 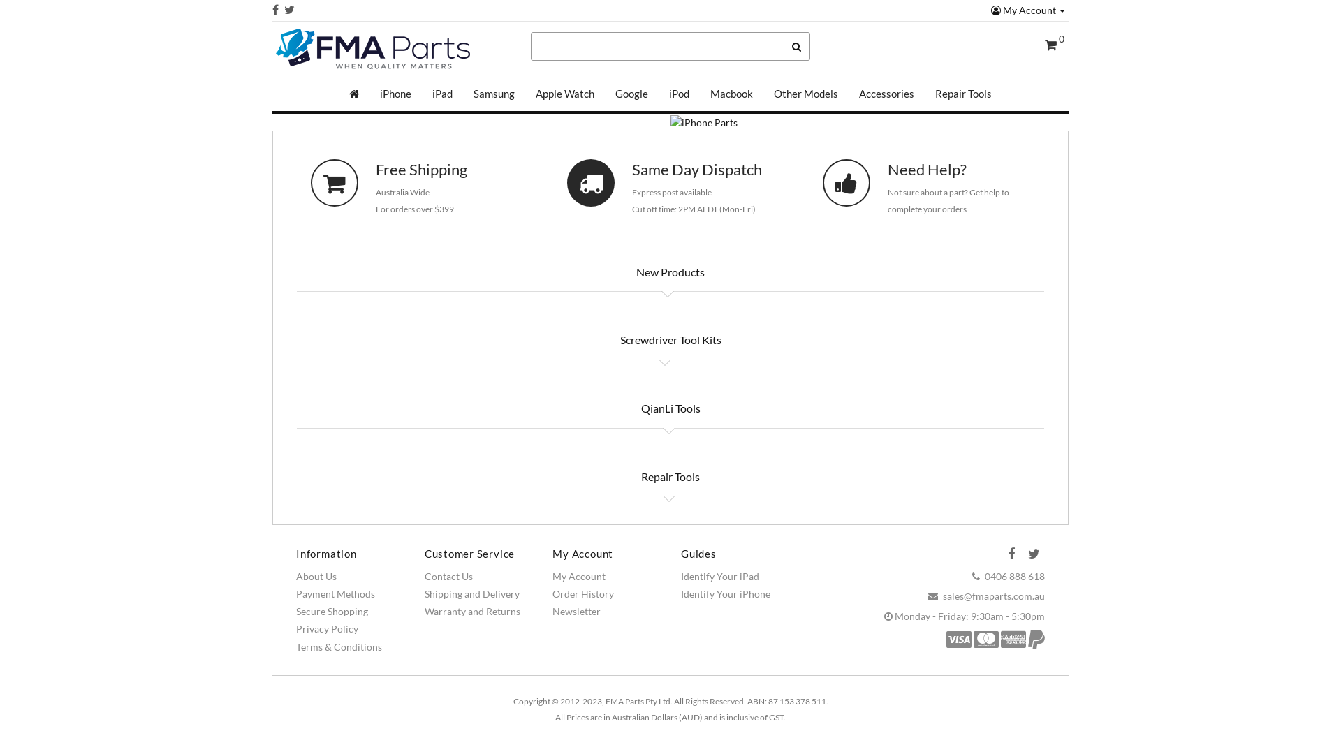 I want to click on 'Identify Your iPad', so click(x=720, y=576).